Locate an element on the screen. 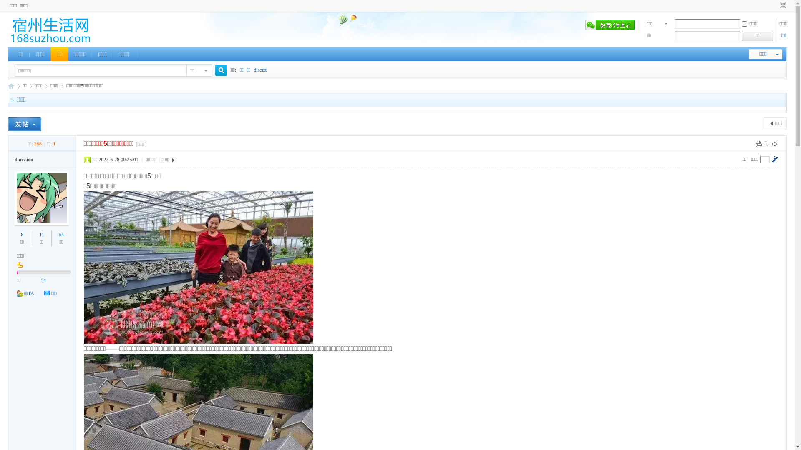  'discuz' is located at coordinates (259, 70).